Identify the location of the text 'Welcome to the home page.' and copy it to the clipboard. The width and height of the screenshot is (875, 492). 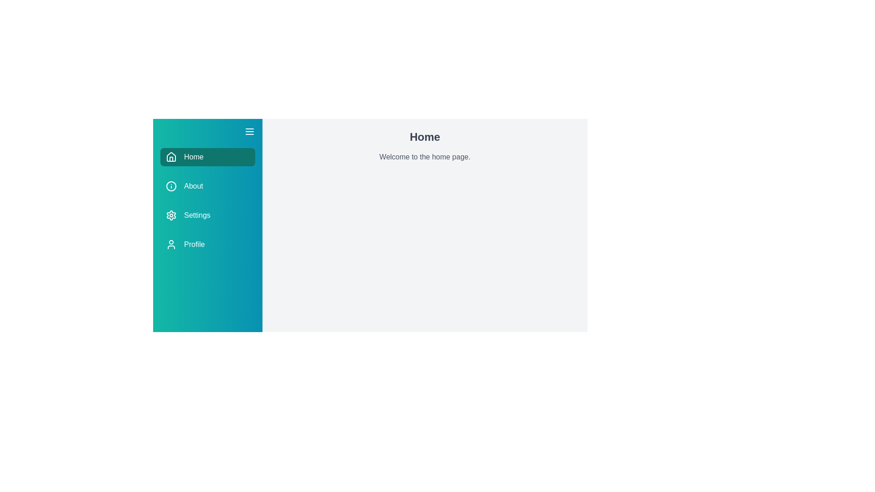
(273, 151).